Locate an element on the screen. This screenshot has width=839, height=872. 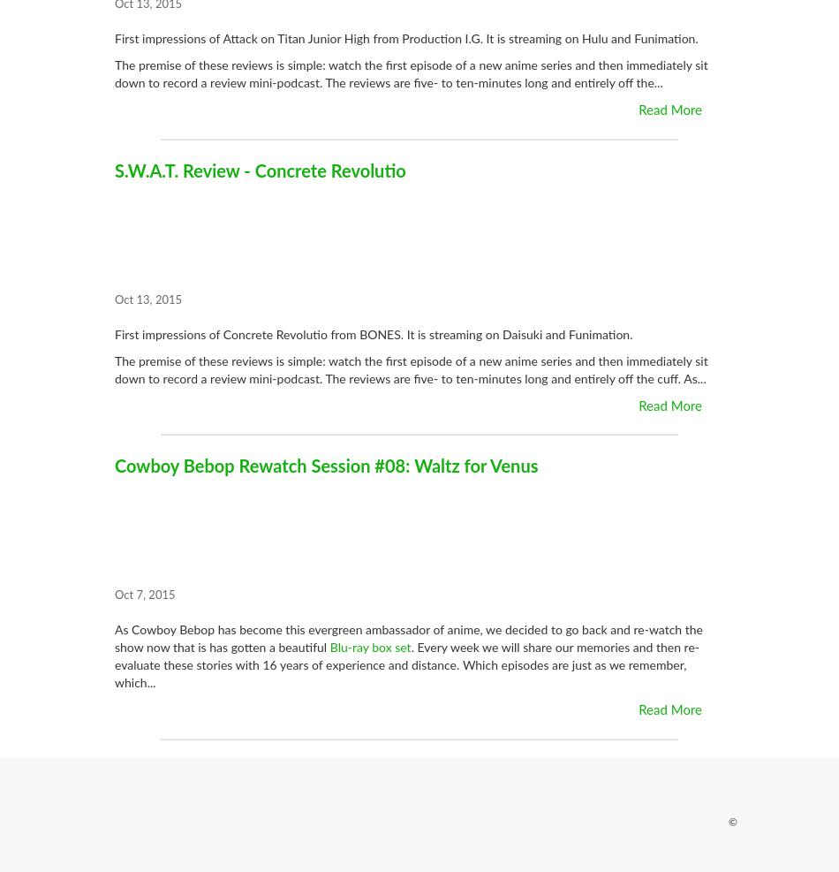
'Cowboy Bebop Rewatch Session #08: Waltz for Venus' is located at coordinates (325, 467).